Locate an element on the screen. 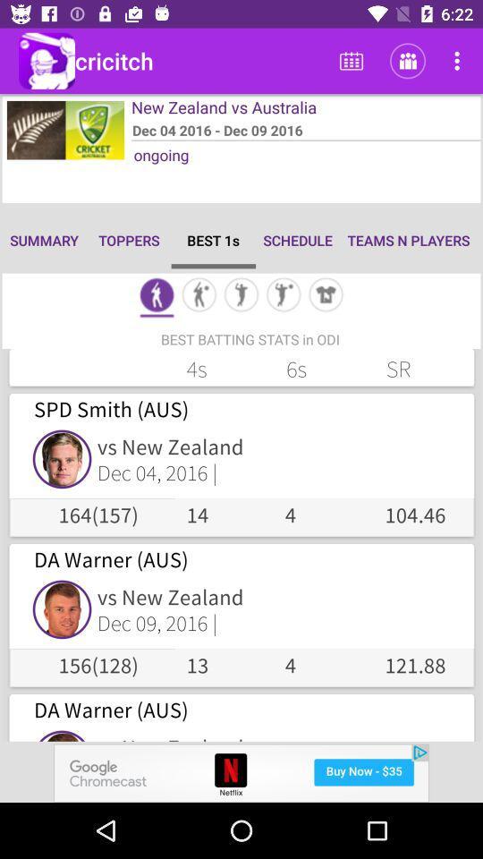 This screenshot has height=859, width=483. chromecast advertisement button is located at coordinates (241, 772).